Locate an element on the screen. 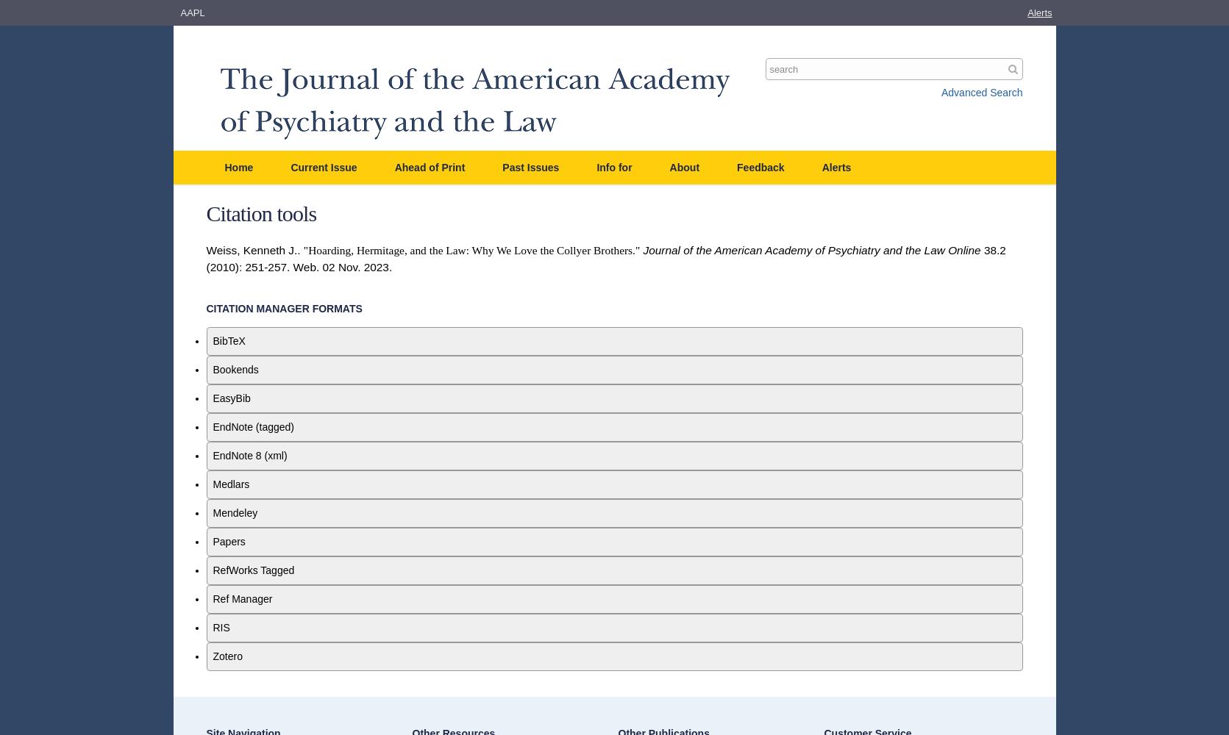  'Citation Manager Formats' is located at coordinates (284, 309).